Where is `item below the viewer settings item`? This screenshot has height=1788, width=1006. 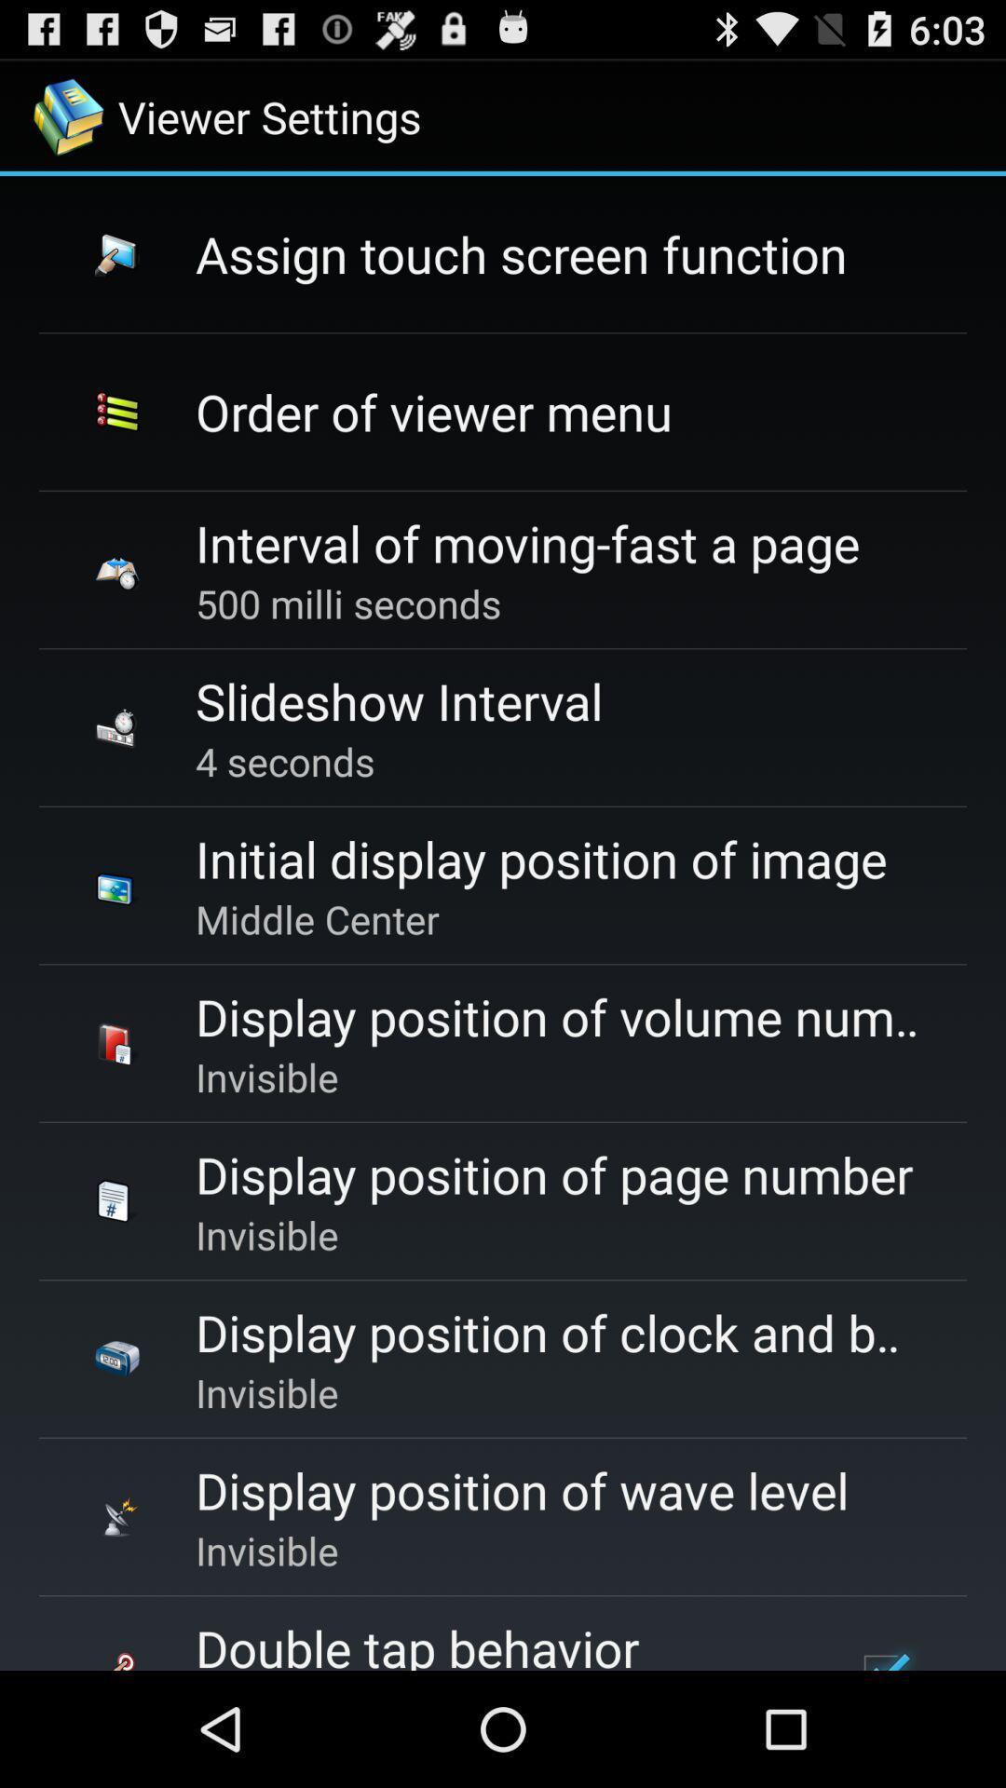 item below the viewer settings item is located at coordinates (521, 252).